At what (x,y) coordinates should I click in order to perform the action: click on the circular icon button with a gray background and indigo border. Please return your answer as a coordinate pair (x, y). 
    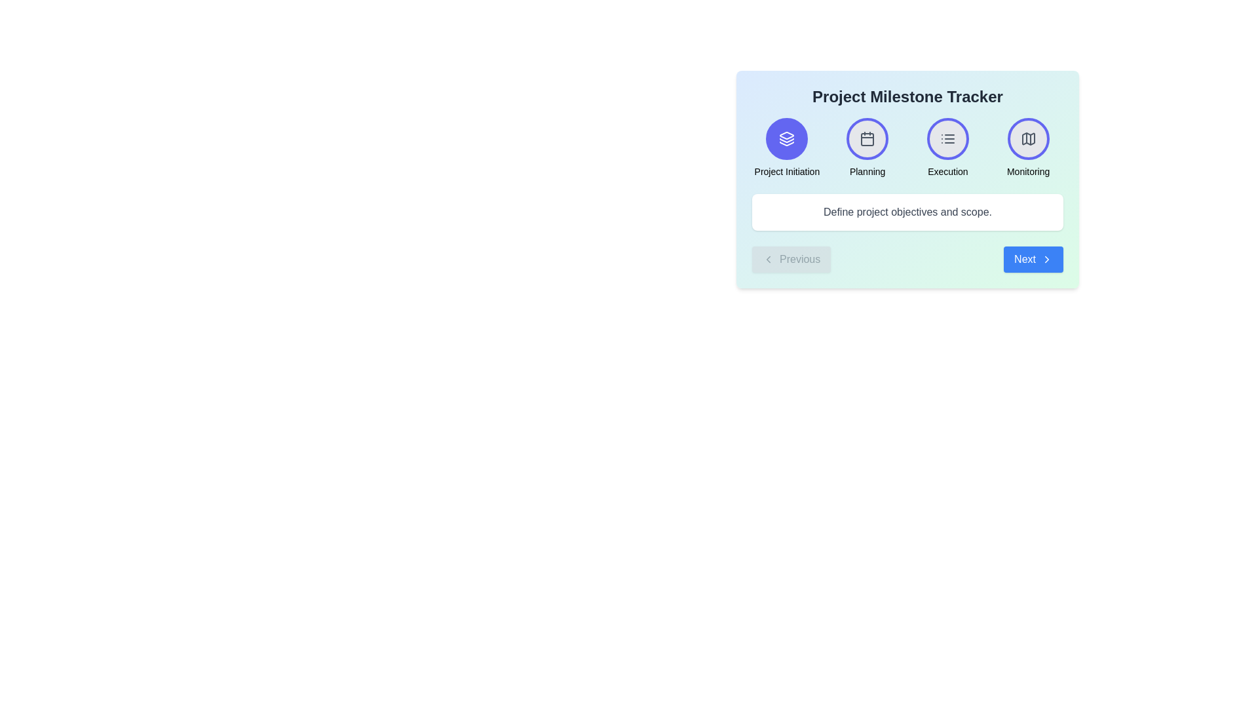
    Looking at the image, I should click on (1027, 139).